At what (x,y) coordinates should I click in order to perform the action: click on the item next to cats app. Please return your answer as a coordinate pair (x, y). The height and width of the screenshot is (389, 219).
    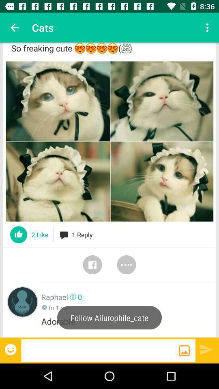
    Looking at the image, I should click on (15, 28).